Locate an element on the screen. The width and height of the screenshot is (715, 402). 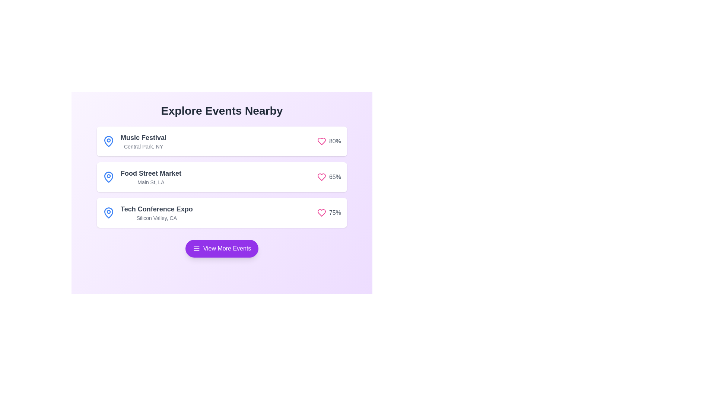
text displayed in the text label showing 'Silicon Valley, CA', which is positioned below the title 'Tech Conference Expo' in the event listings is located at coordinates (156, 218).